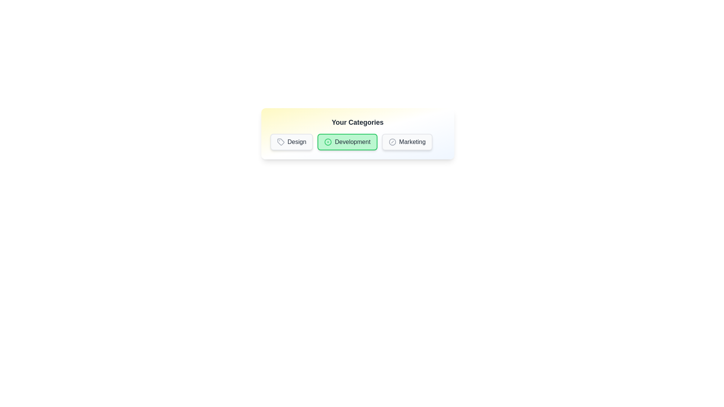 The width and height of the screenshot is (724, 407). What do you see at coordinates (347, 142) in the screenshot?
I see `the badge labeled Development` at bounding box center [347, 142].